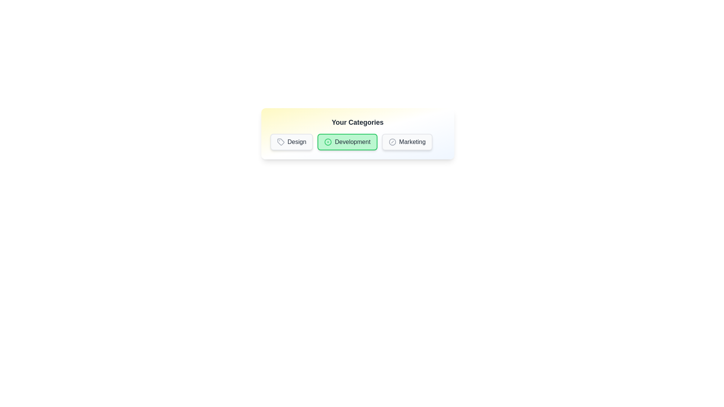 The width and height of the screenshot is (724, 407). What do you see at coordinates (347, 142) in the screenshot?
I see `the badge labeled Development` at bounding box center [347, 142].